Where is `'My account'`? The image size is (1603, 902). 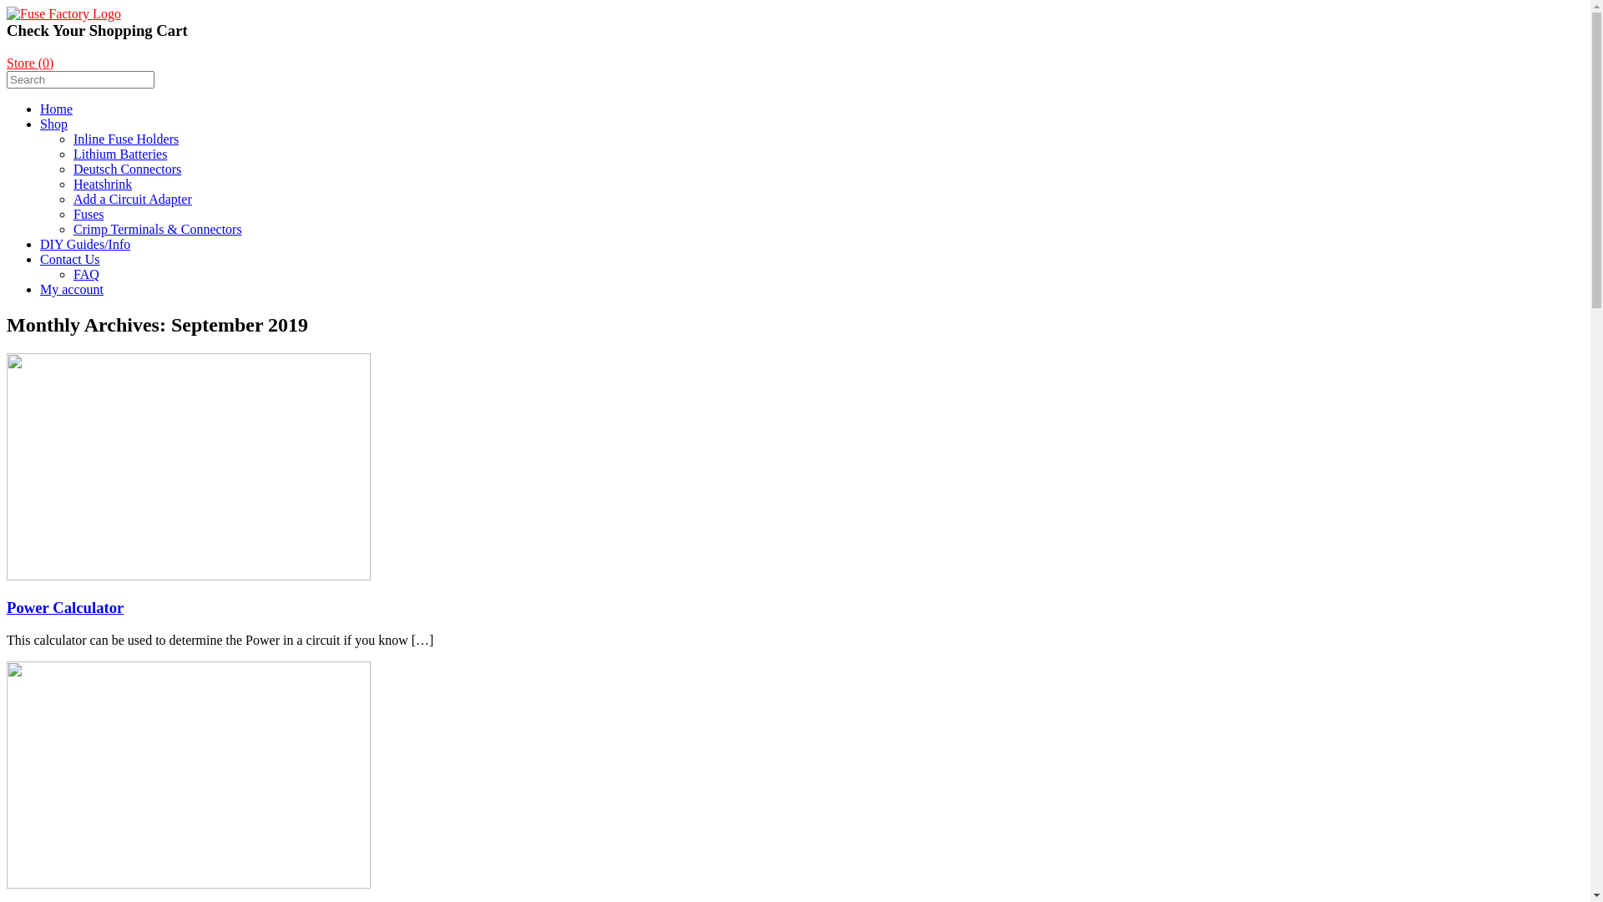
'My account' is located at coordinates (71, 288).